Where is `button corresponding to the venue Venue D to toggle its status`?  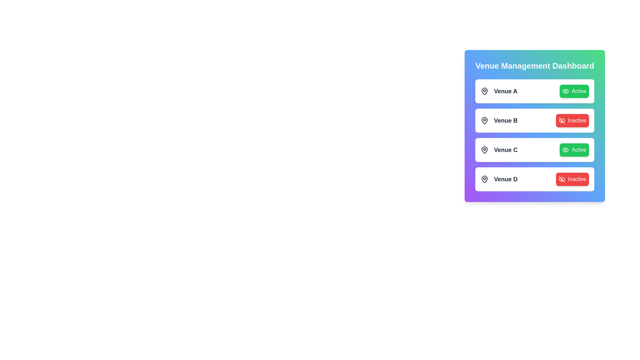 button corresponding to the venue Venue D to toggle its status is located at coordinates (572, 179).